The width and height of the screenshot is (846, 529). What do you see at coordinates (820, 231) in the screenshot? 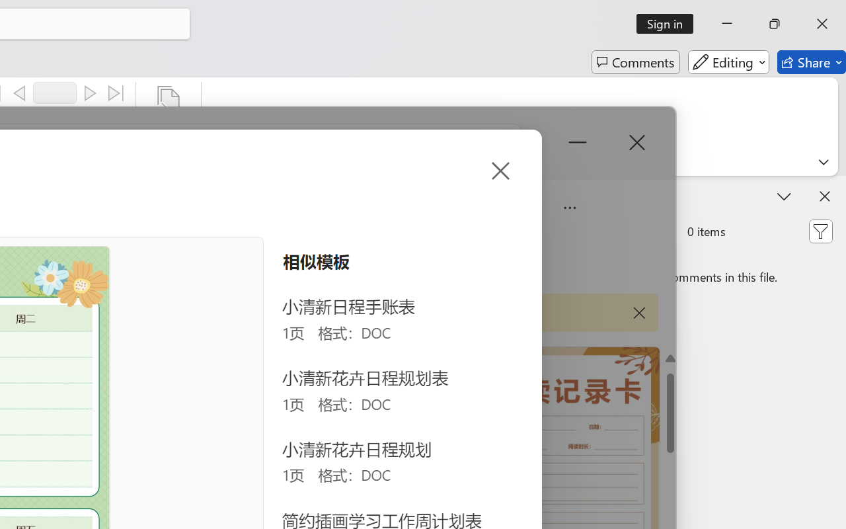
I see `'Filter'` at bounding box center [820, 231].